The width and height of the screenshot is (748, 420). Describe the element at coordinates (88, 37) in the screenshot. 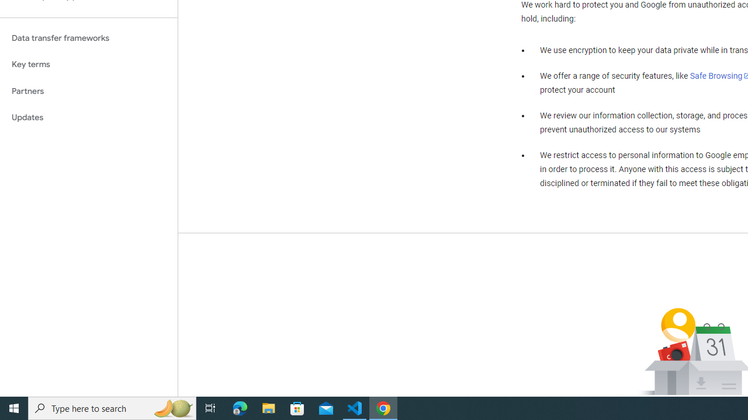

I see `'Data transfer frameworks'` at that location.